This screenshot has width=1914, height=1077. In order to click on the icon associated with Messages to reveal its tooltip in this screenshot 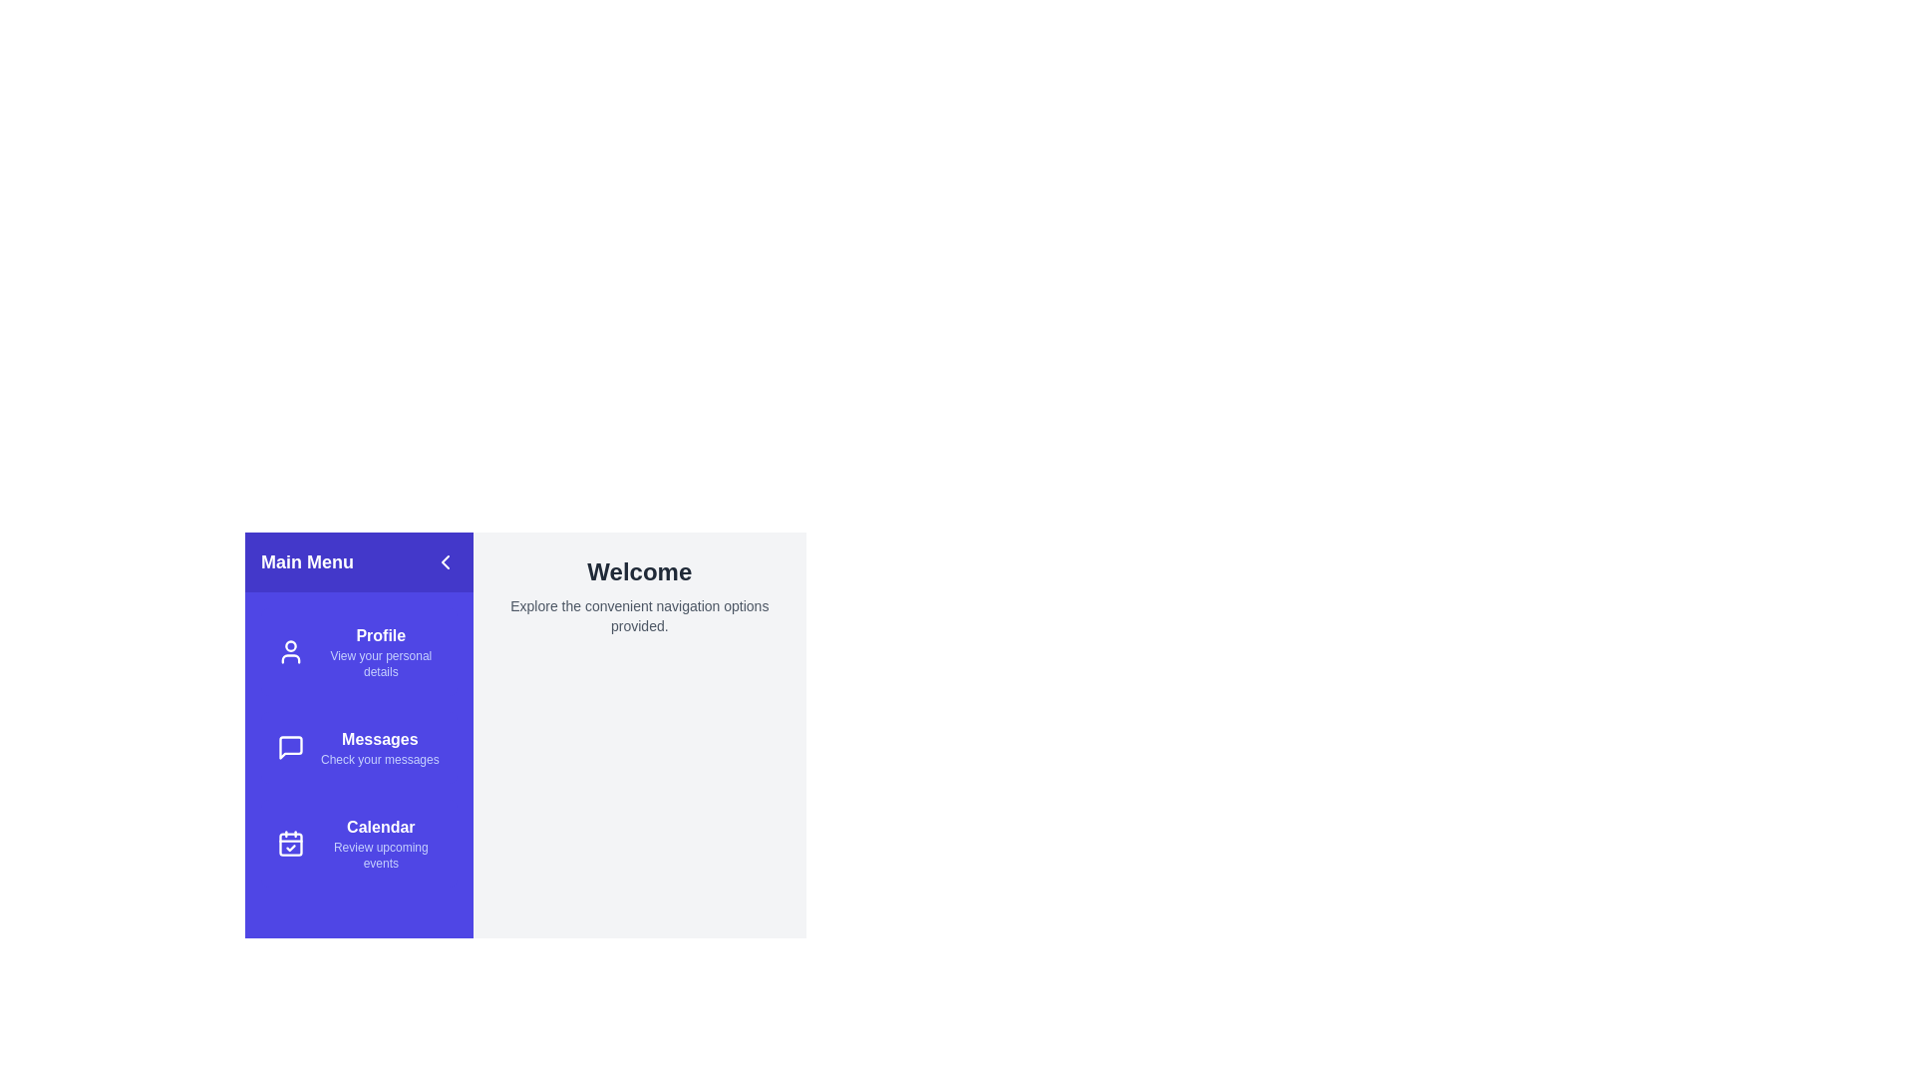, I will do `click(290, 747)`.